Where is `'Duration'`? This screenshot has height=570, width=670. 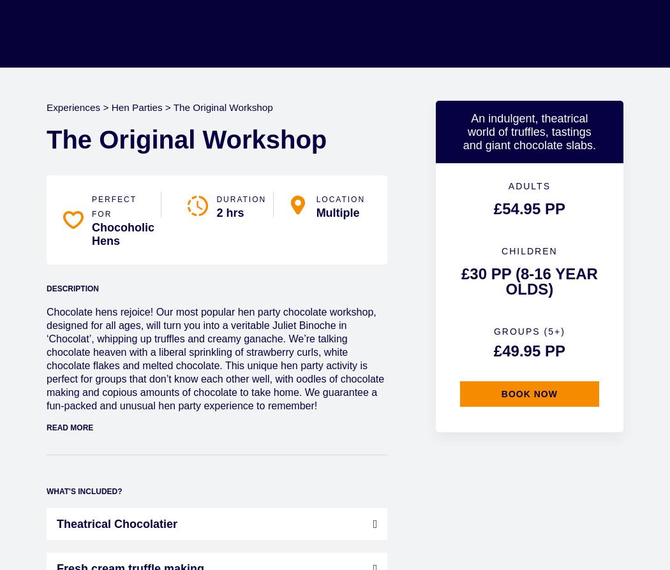
'Duration' is located at coordinates (241, 198).